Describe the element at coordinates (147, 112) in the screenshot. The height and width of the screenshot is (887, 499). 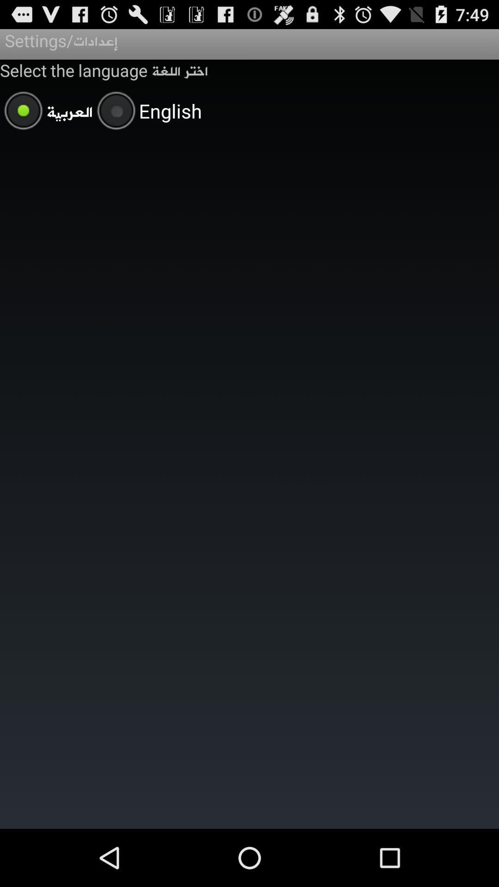
I see `the english radio button` at that location.